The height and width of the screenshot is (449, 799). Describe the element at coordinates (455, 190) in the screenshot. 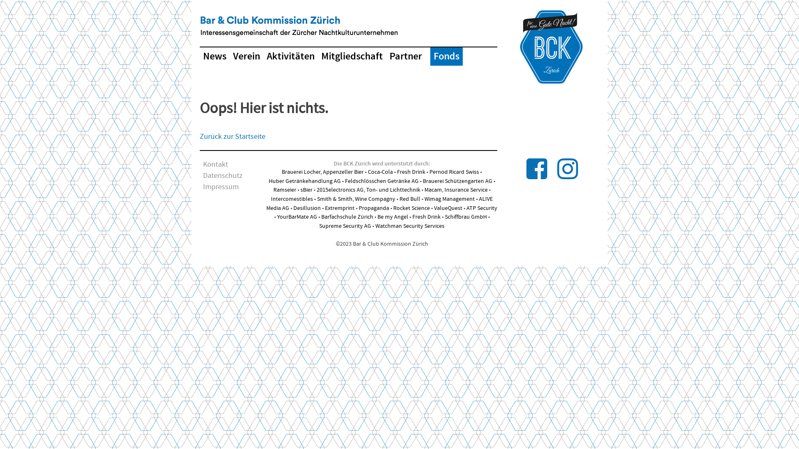

I see `'Macam, Insurance Service'` at that location.